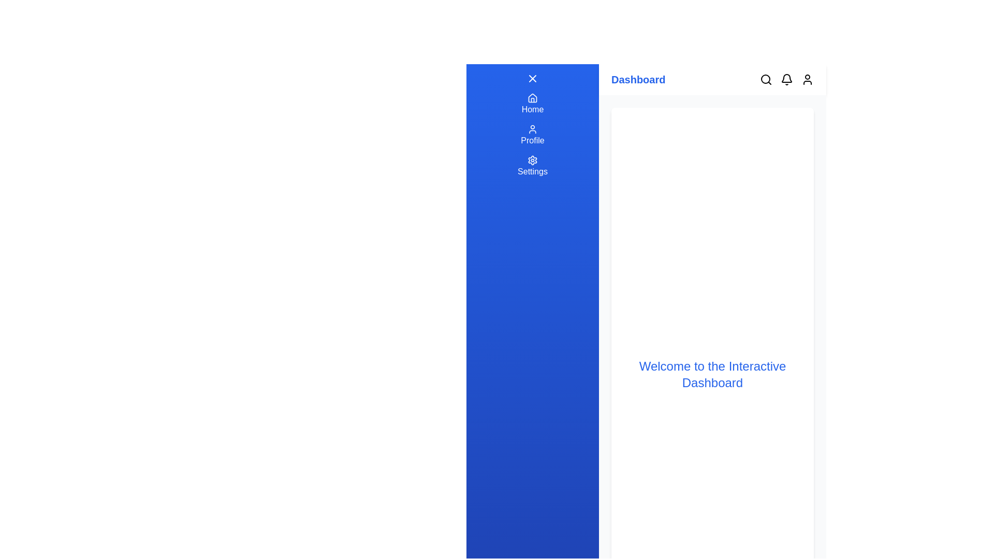  Describe the element at coordinates (532, 78) in the screenshot. I see `the close button at the top of the sidebar panel on the left-hand side of the application` at that location.